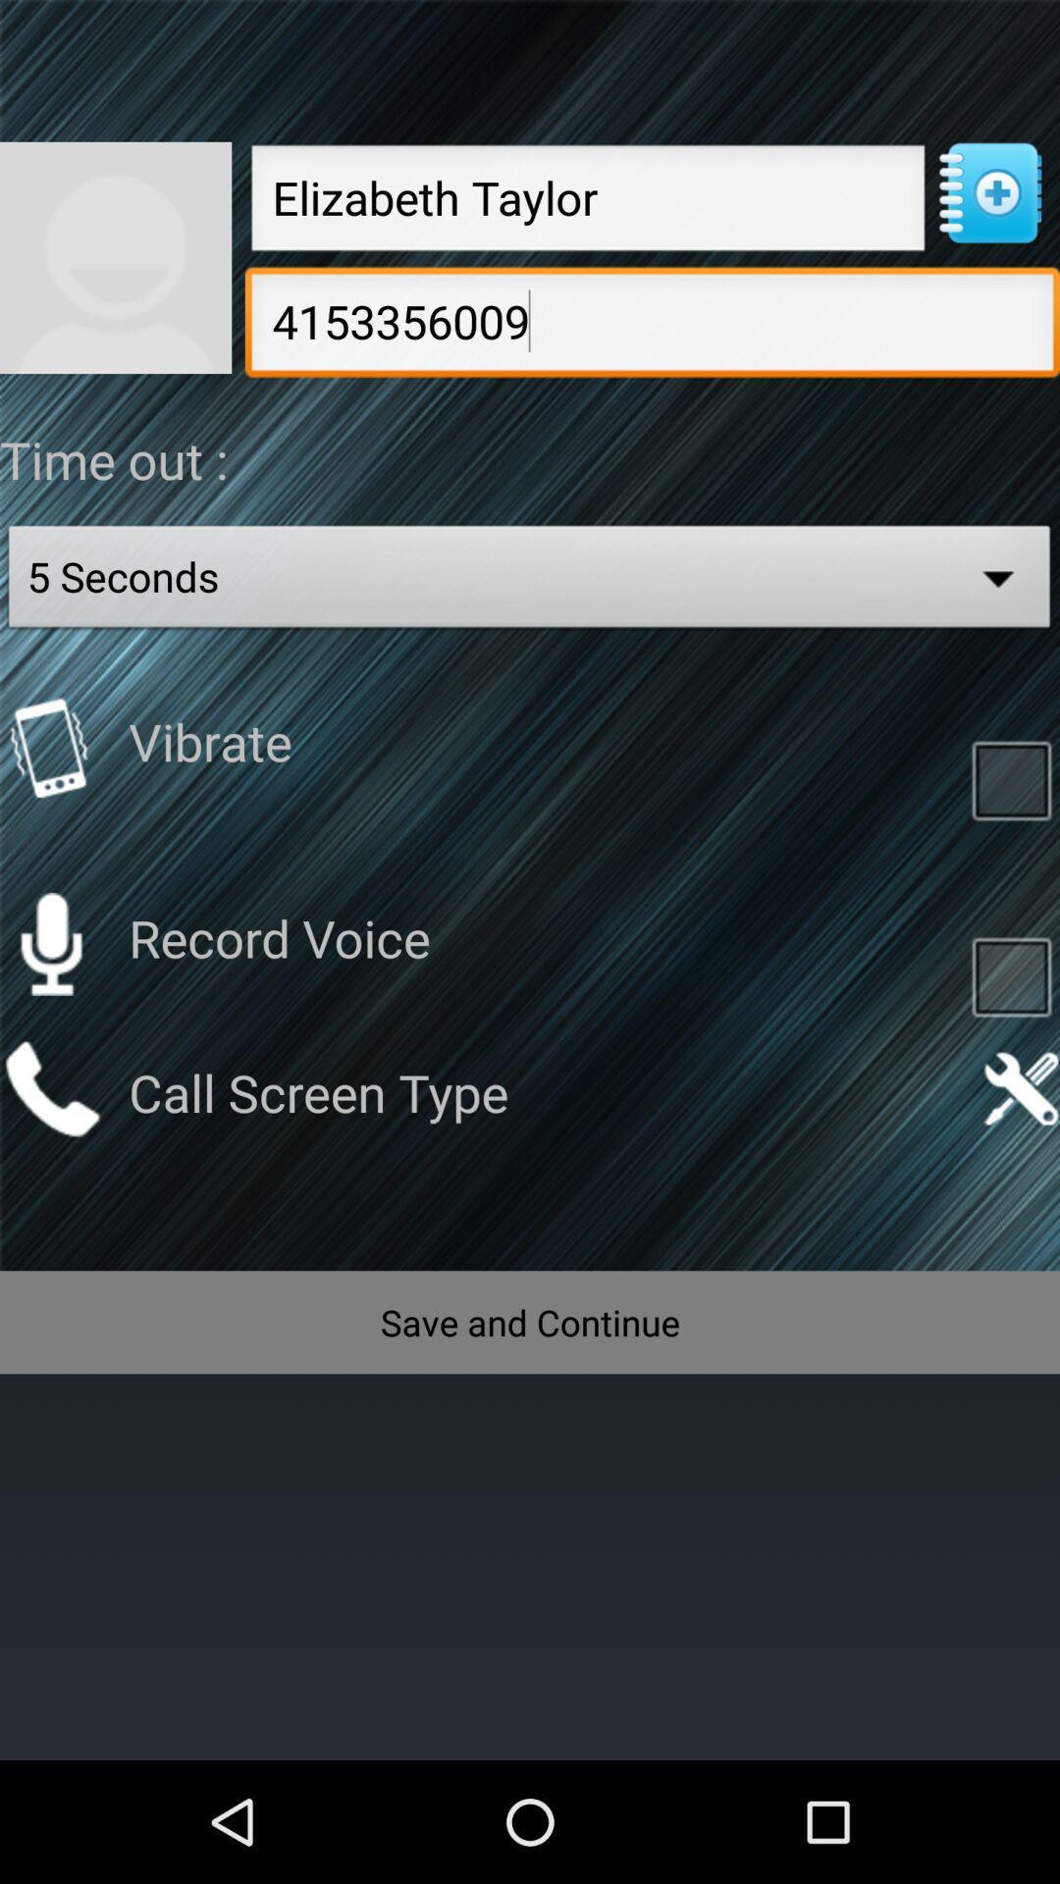  I want to click on vibration icon, so click(50, 747).